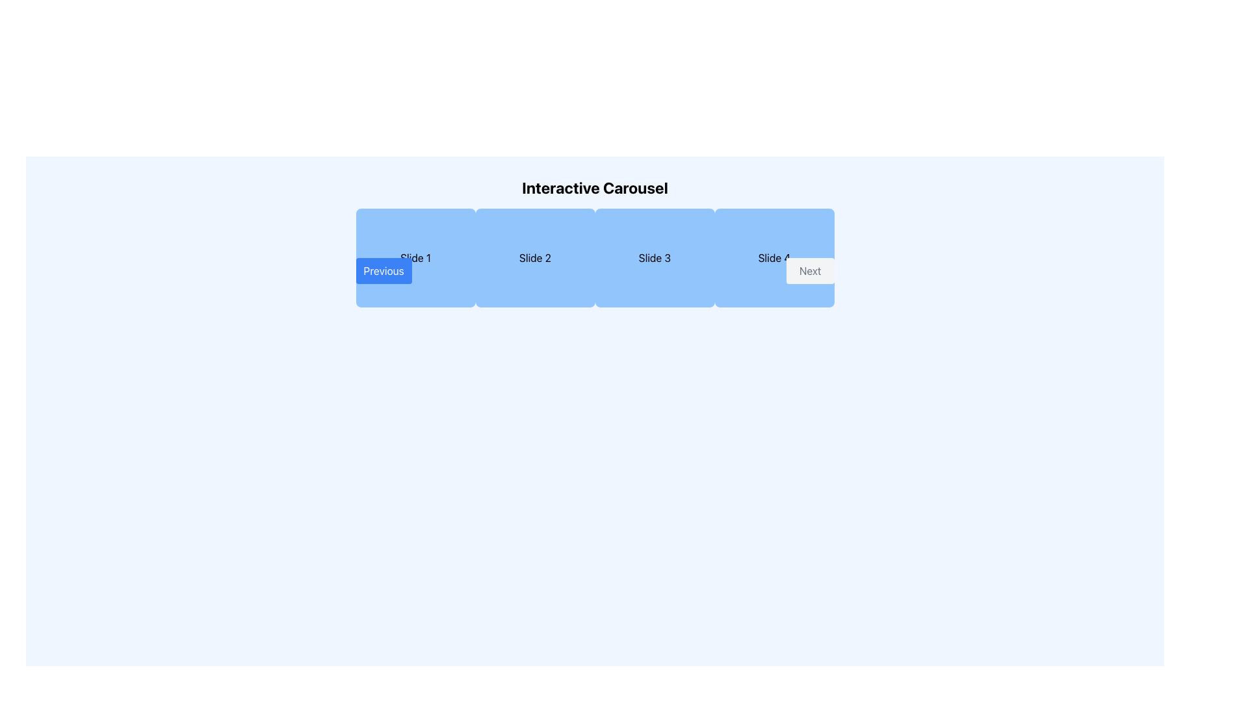  What do you see at coordinates (415, 258) in the screenshot?
I see `to select the first slide in the carousel, which displays content associated with 'Slide 1'` at bounding box center [415, 258].